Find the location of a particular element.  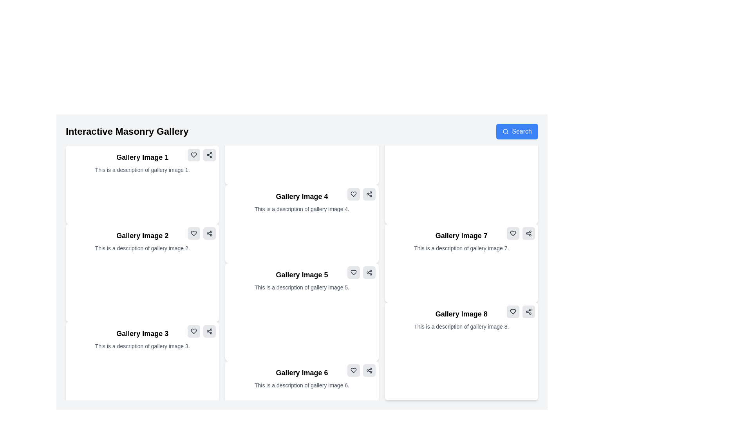

text from the Text Label that displays 'Gallery Image 6', which is styled as large and bold and located above the description of the sixth gallery item at the bottom center of the gallery layout is located at coordinates (302, 372).